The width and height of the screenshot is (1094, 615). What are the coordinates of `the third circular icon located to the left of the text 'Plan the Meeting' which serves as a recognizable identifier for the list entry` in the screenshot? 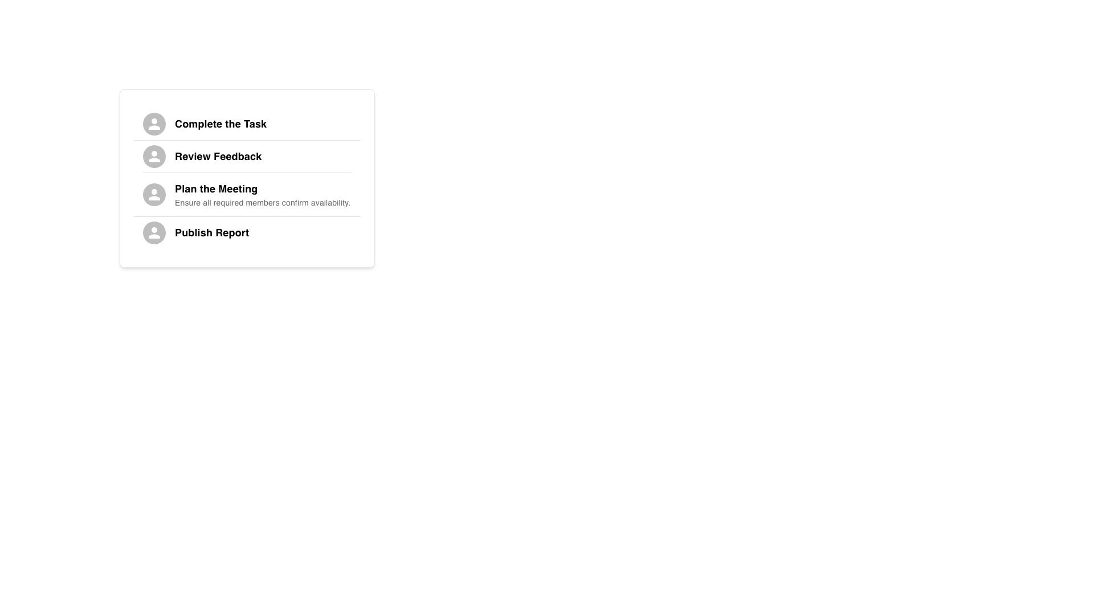 It's located at (153, 194).